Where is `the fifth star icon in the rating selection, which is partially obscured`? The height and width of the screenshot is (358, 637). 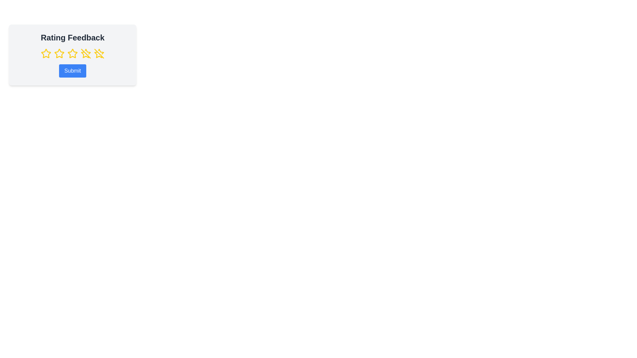 the fifth star icon in the rating selection, which is partially obscured is located at coordinates (99, 53).